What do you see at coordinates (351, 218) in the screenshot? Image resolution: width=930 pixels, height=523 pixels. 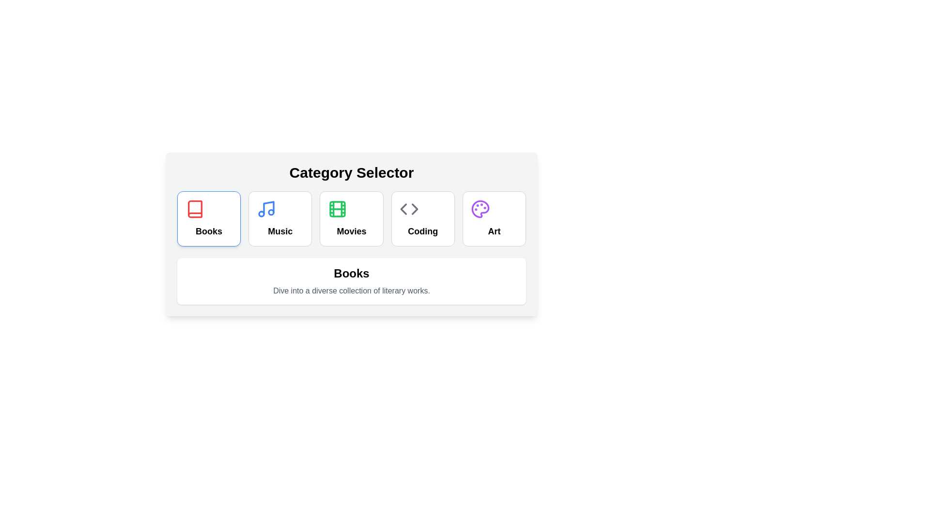 I see `the 'Movies' card button, which is a rectangular card with a white background and a green film strip icon` at bounding box center [351, 218].